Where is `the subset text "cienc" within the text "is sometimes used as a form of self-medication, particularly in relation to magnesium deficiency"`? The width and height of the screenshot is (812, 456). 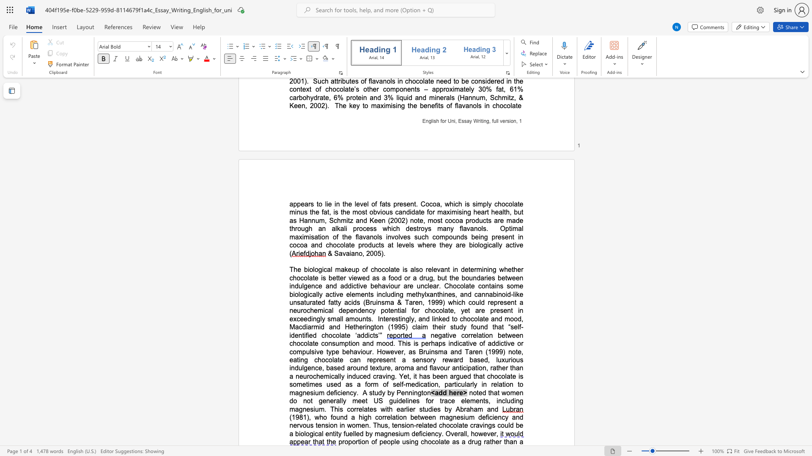 the subset text "cienc" within the text "is sometimes used as a form of self-medication, particularly in relation to magnesium deficiency" is located at coordinates (337, 393).